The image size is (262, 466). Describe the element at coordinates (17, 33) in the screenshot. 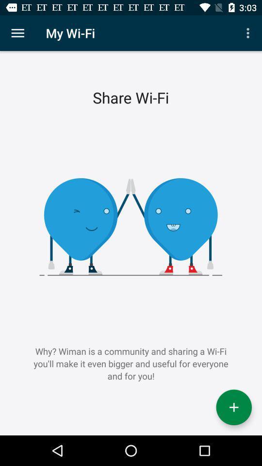

I see `its a menu button in app which you click and menu from left will pop up` at that location.